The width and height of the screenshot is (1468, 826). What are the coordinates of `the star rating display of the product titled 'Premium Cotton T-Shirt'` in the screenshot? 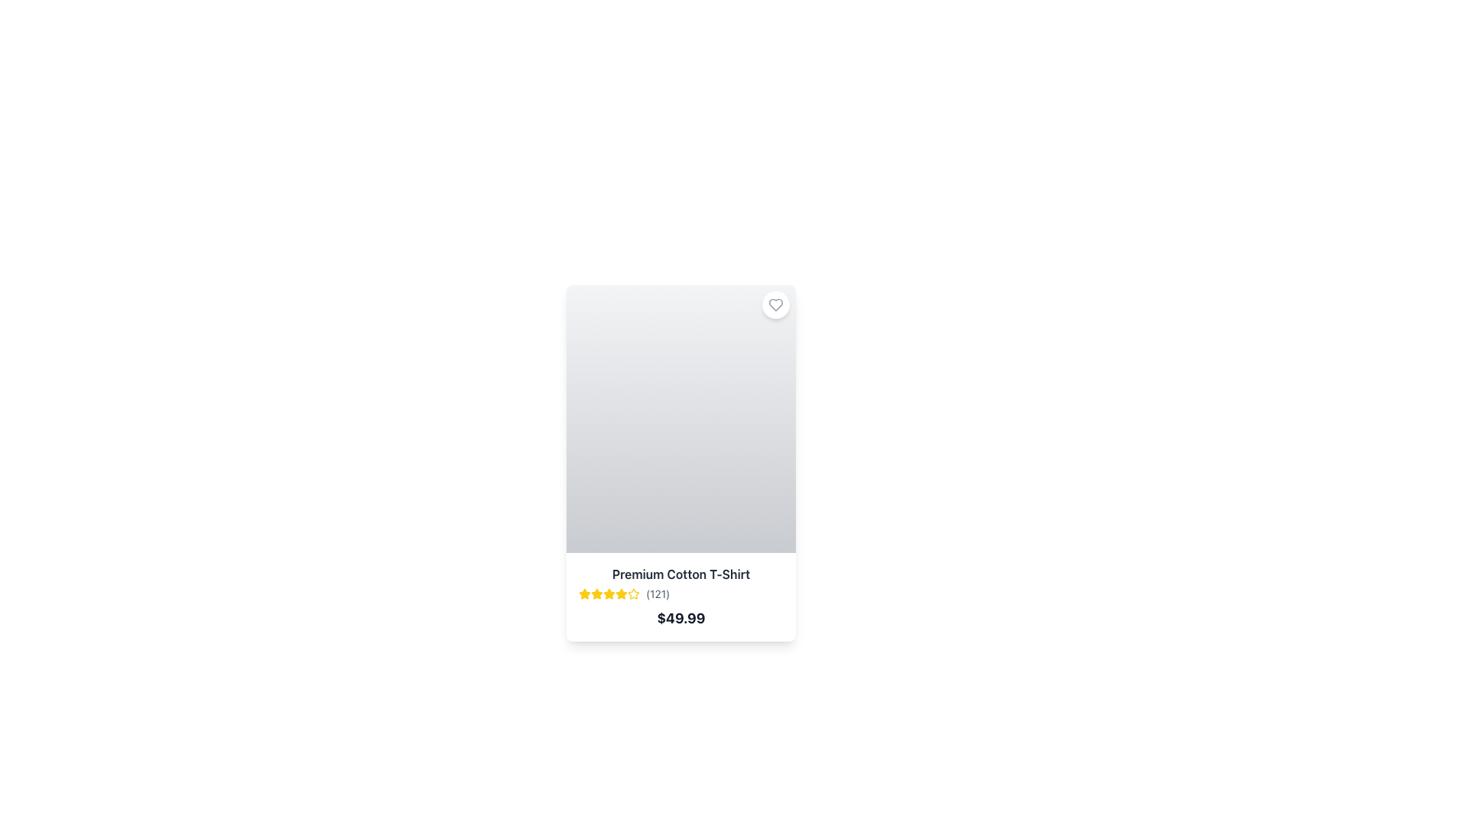 It's located at (680, 596).